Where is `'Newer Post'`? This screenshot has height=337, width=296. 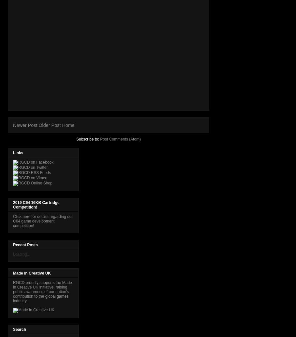 'Newer Post' is located at coordinates (24, 125).